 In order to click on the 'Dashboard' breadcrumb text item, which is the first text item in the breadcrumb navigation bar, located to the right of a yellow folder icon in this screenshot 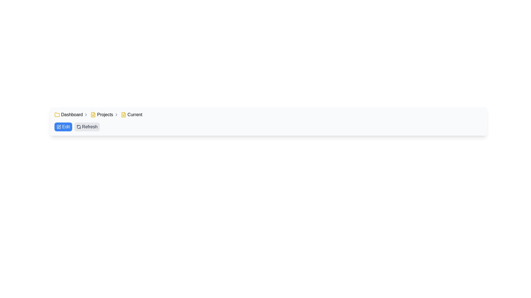, I will do `click(72, 115)`.